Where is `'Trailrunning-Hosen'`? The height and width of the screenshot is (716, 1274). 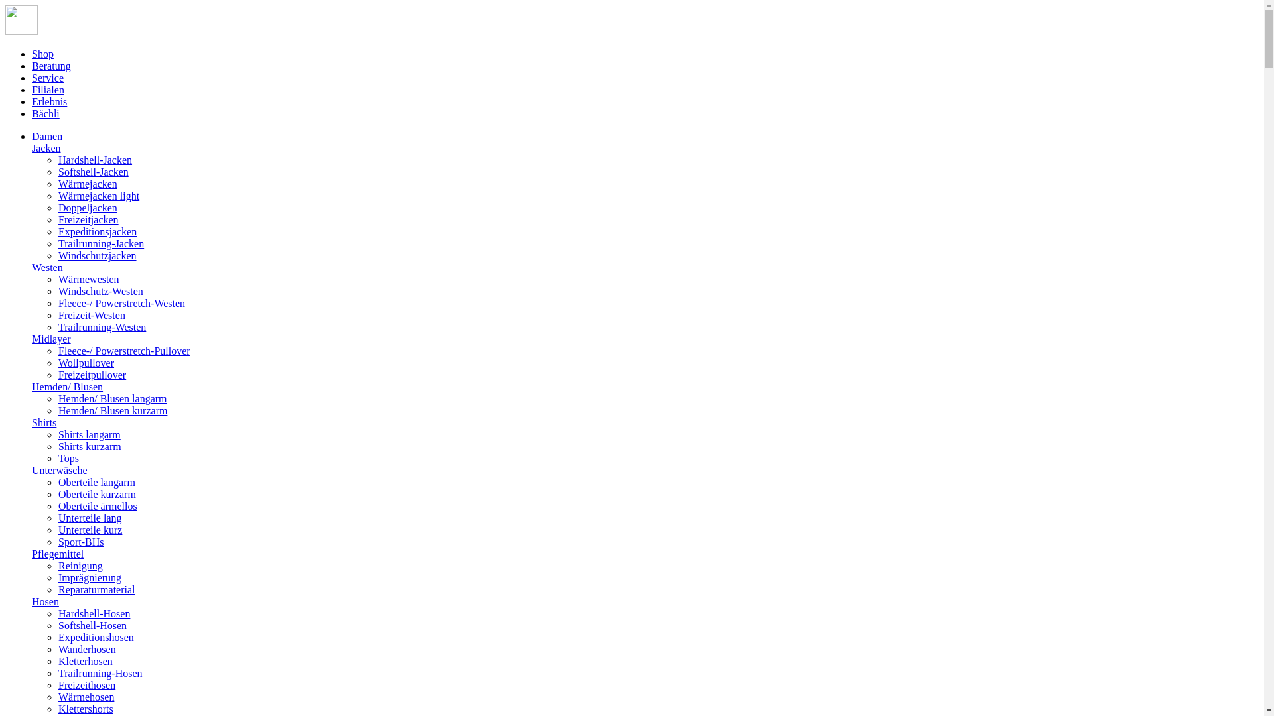
'Trailrunning-Hosen' is located at coordinates (100, 673).